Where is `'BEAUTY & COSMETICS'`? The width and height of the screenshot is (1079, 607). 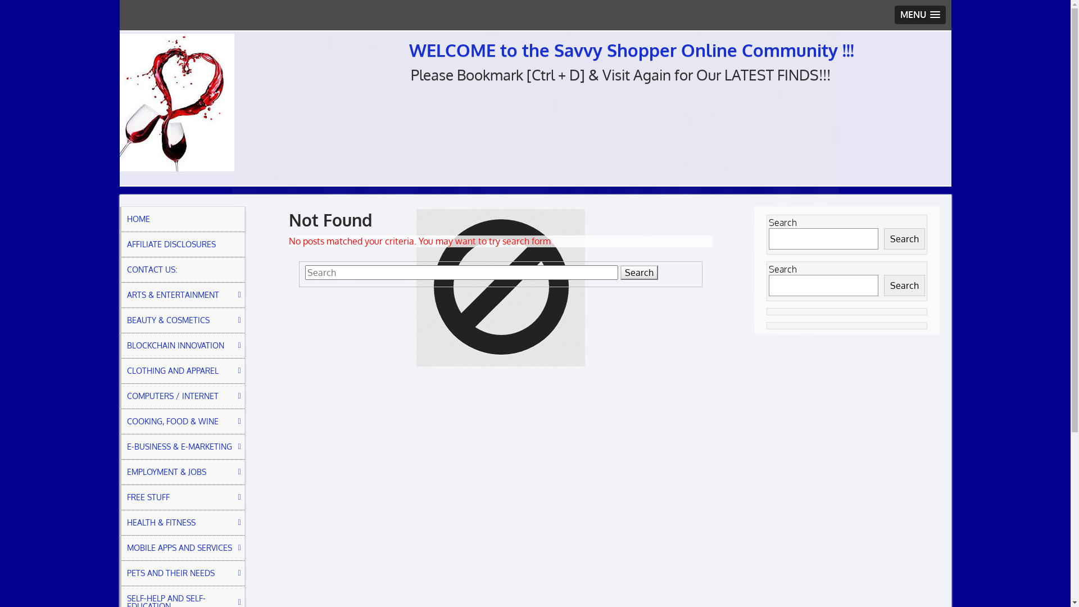
'BEAUTY & COSMETICS' is located at coordinates (182, 320).